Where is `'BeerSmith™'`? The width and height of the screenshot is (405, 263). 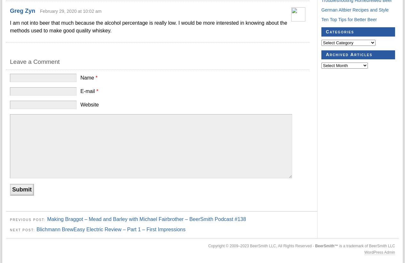 'BeerSmith™' is located at coordinates (326, 245).